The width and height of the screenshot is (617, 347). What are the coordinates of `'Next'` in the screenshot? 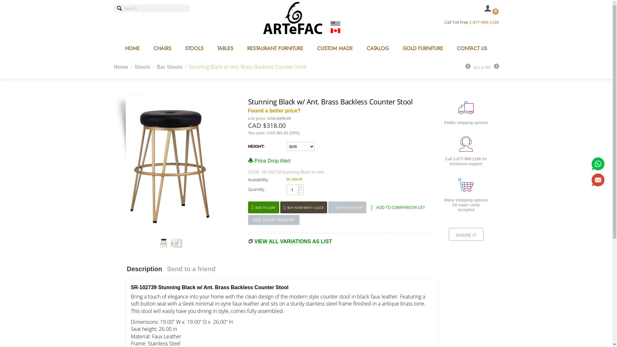 It's located at (496, 67).